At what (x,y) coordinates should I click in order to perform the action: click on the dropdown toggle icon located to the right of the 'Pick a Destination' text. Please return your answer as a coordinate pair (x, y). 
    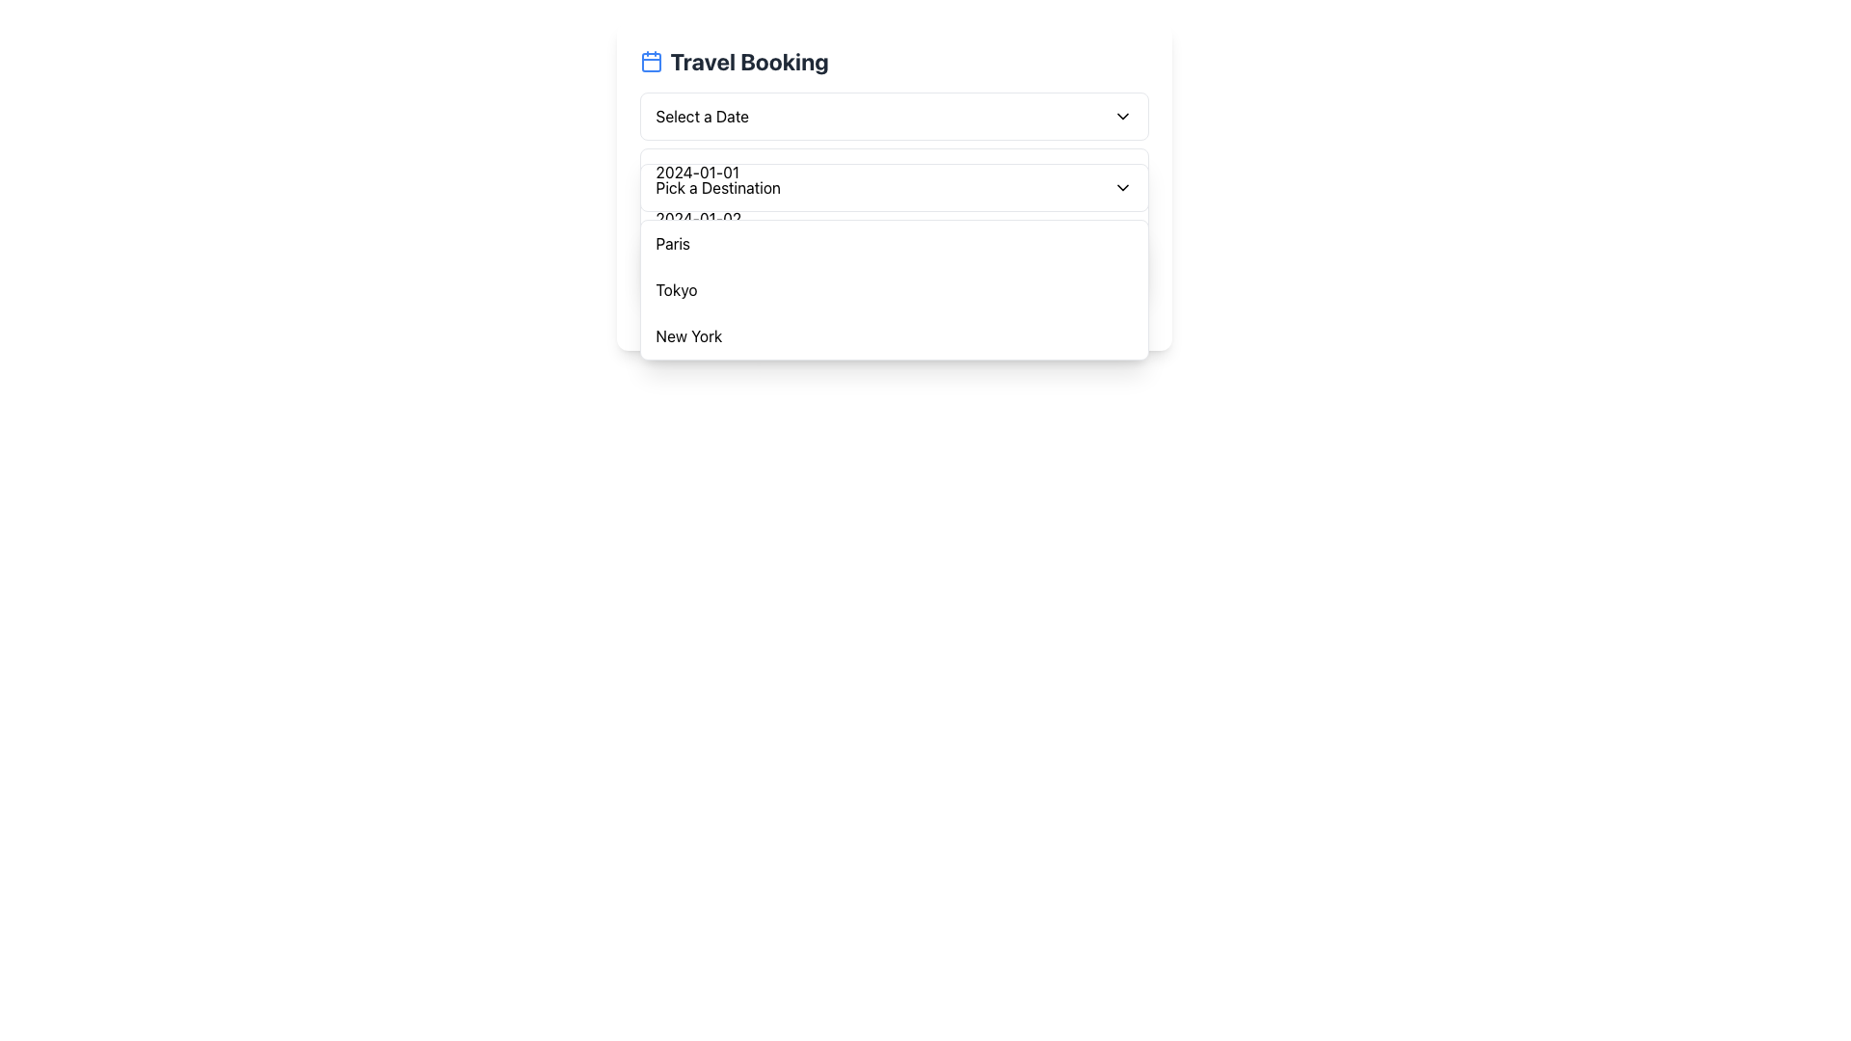
    Looking at the image, I should click on (1122, 188).